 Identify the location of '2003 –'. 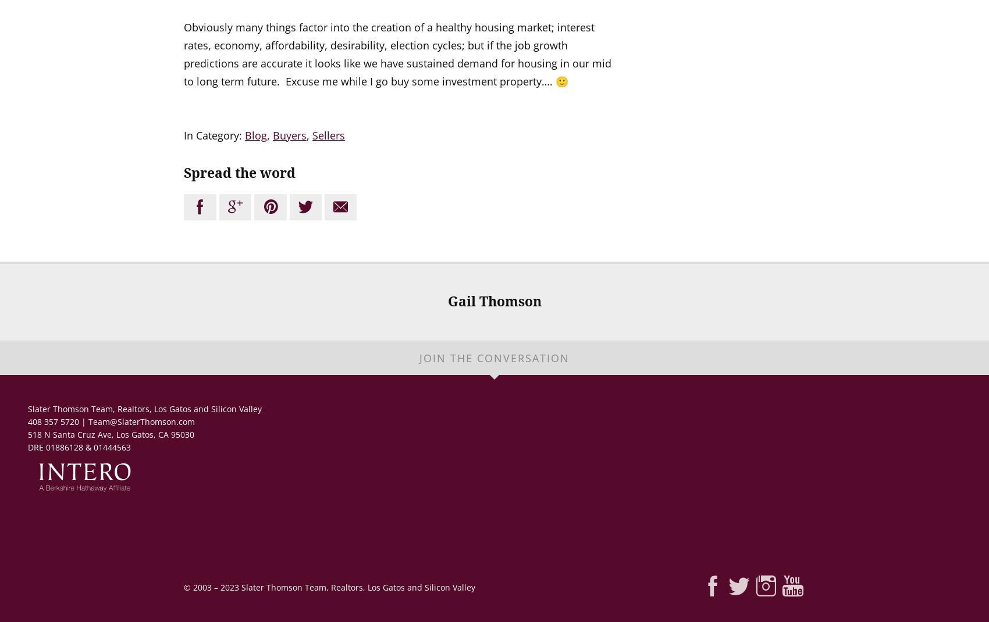
(206, 587).